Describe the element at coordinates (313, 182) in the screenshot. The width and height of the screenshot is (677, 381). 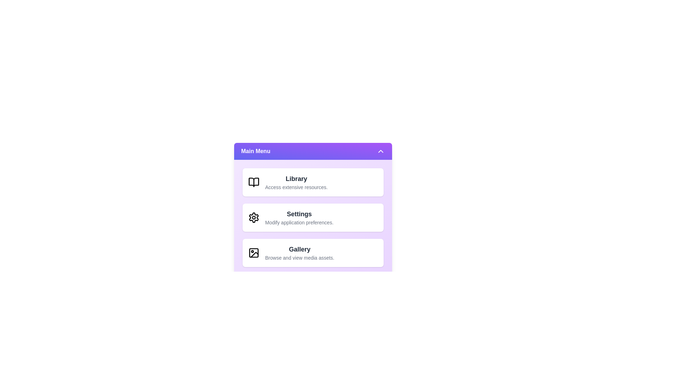
I see `the menu item corresponding to Library` at that location.